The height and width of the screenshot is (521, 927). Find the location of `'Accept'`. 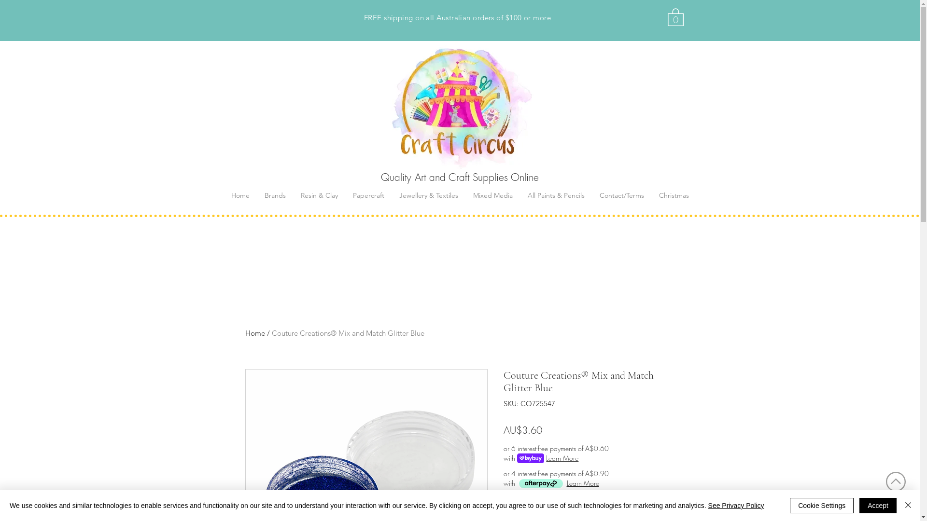

'Accept' is located at coordinates (878, 505).